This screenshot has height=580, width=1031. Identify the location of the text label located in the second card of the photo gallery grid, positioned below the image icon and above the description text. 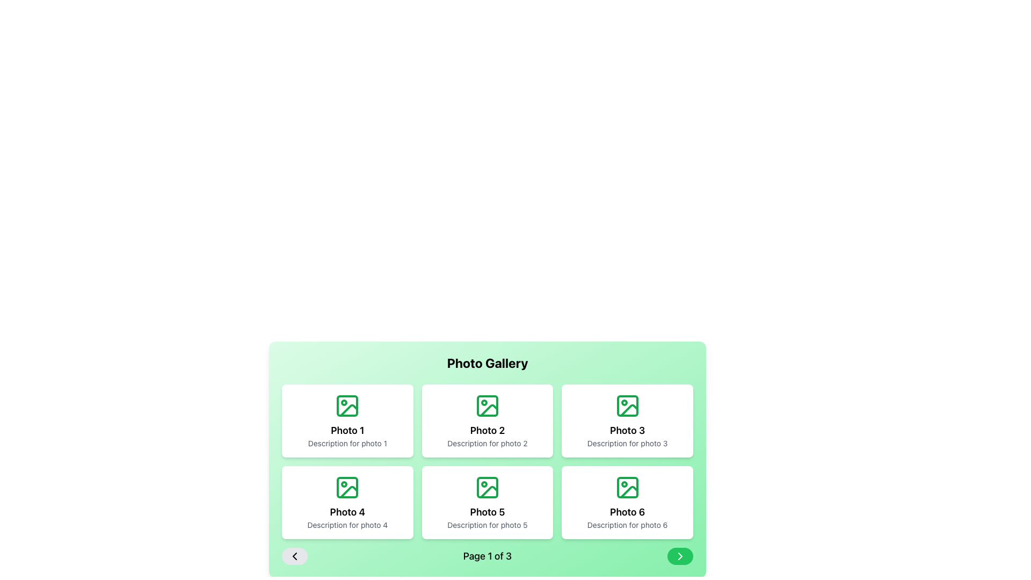
(487, 430).